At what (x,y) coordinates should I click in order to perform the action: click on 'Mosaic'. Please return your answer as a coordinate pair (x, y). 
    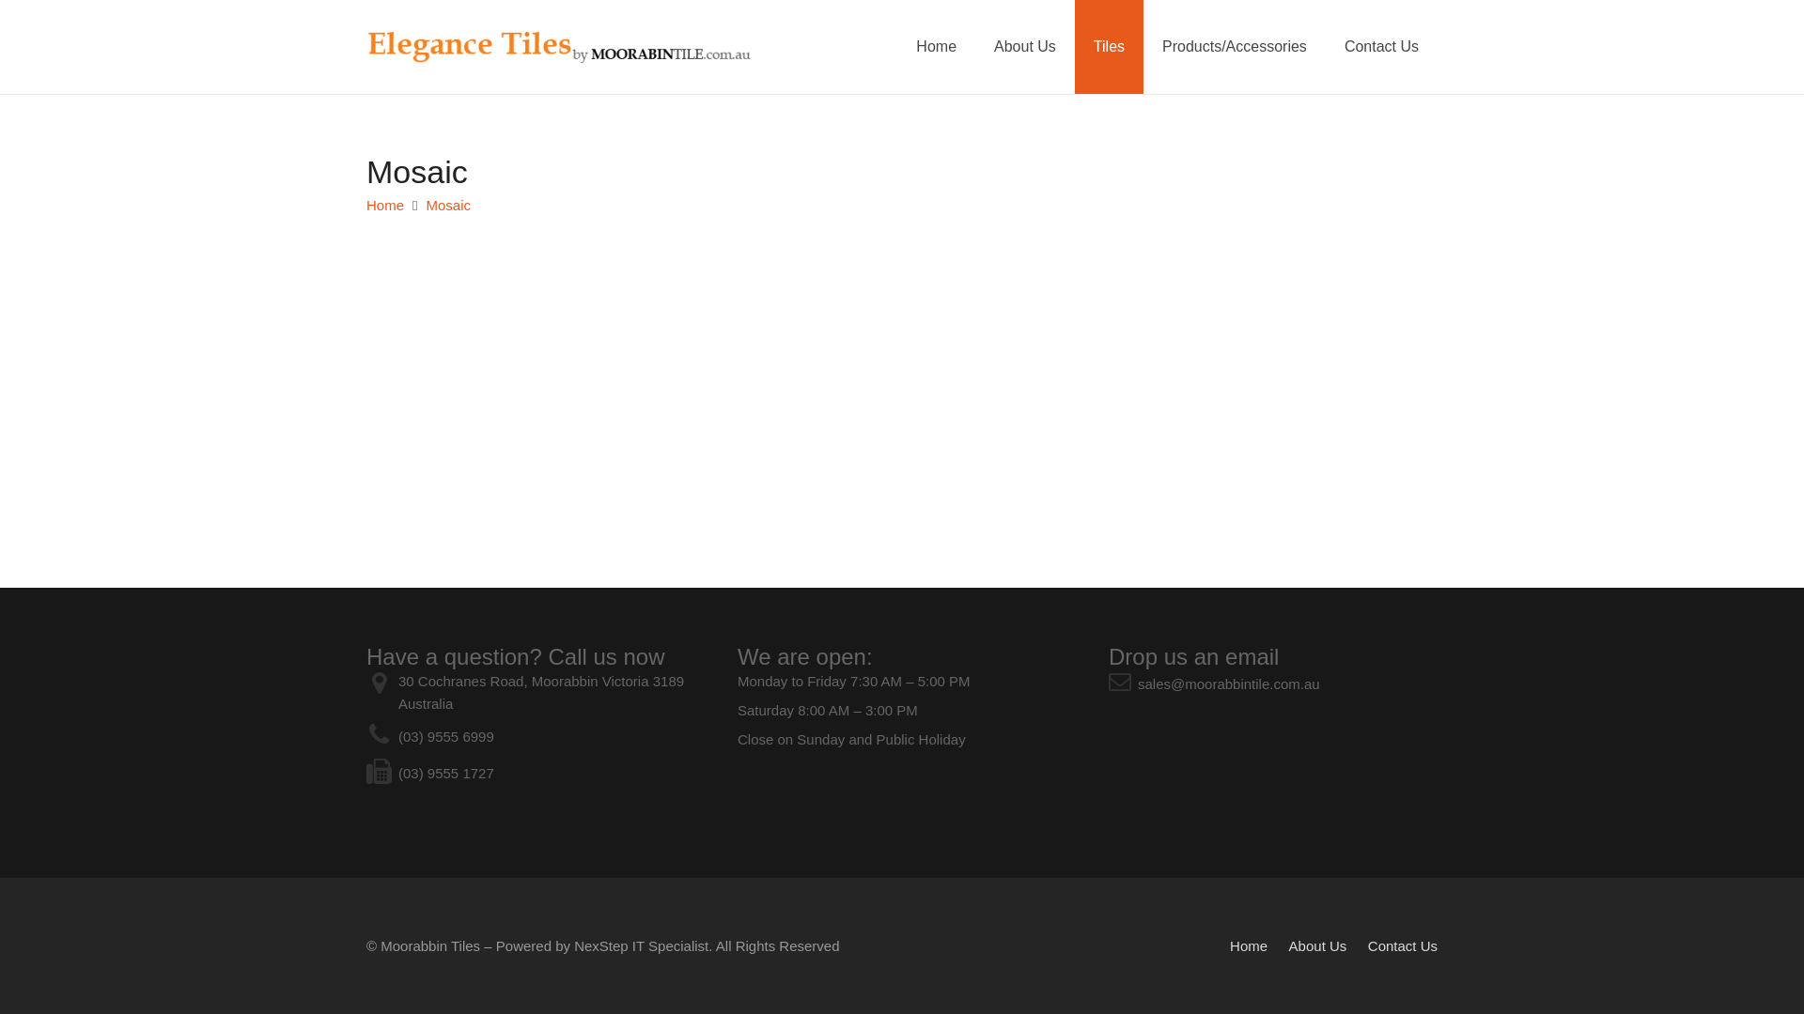
    Looking at the image, I should click on (448, 205).